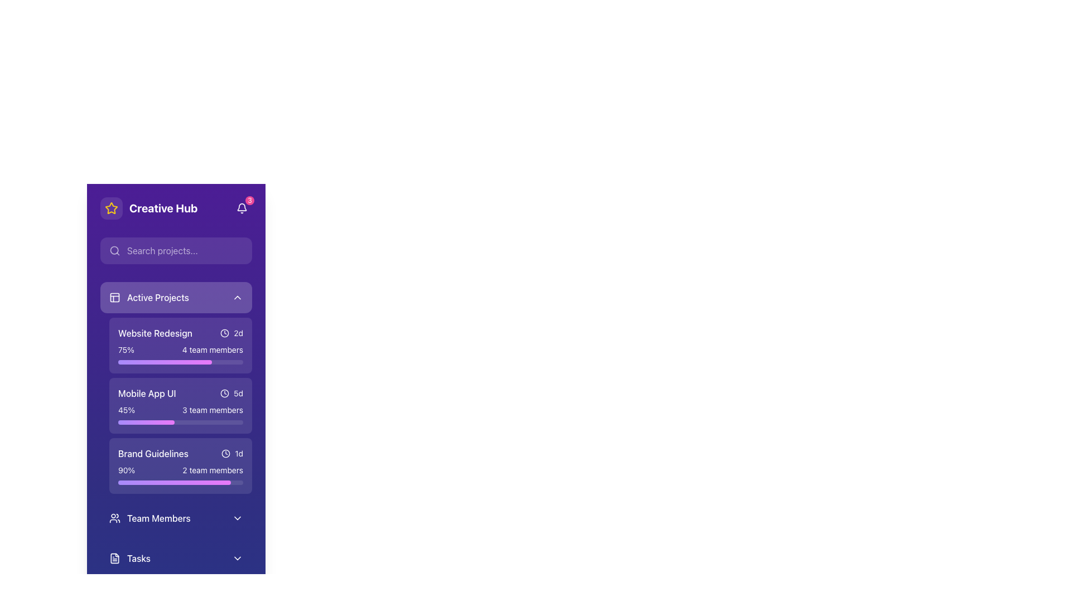 This screenshot has width=1071, height=602. Describe the element at coordinates (146, 423) in the screenshot. I see `the progress bar indicating the completion of the 'Mobile App UI' project, which shows that the task is 45% complete` at that location.